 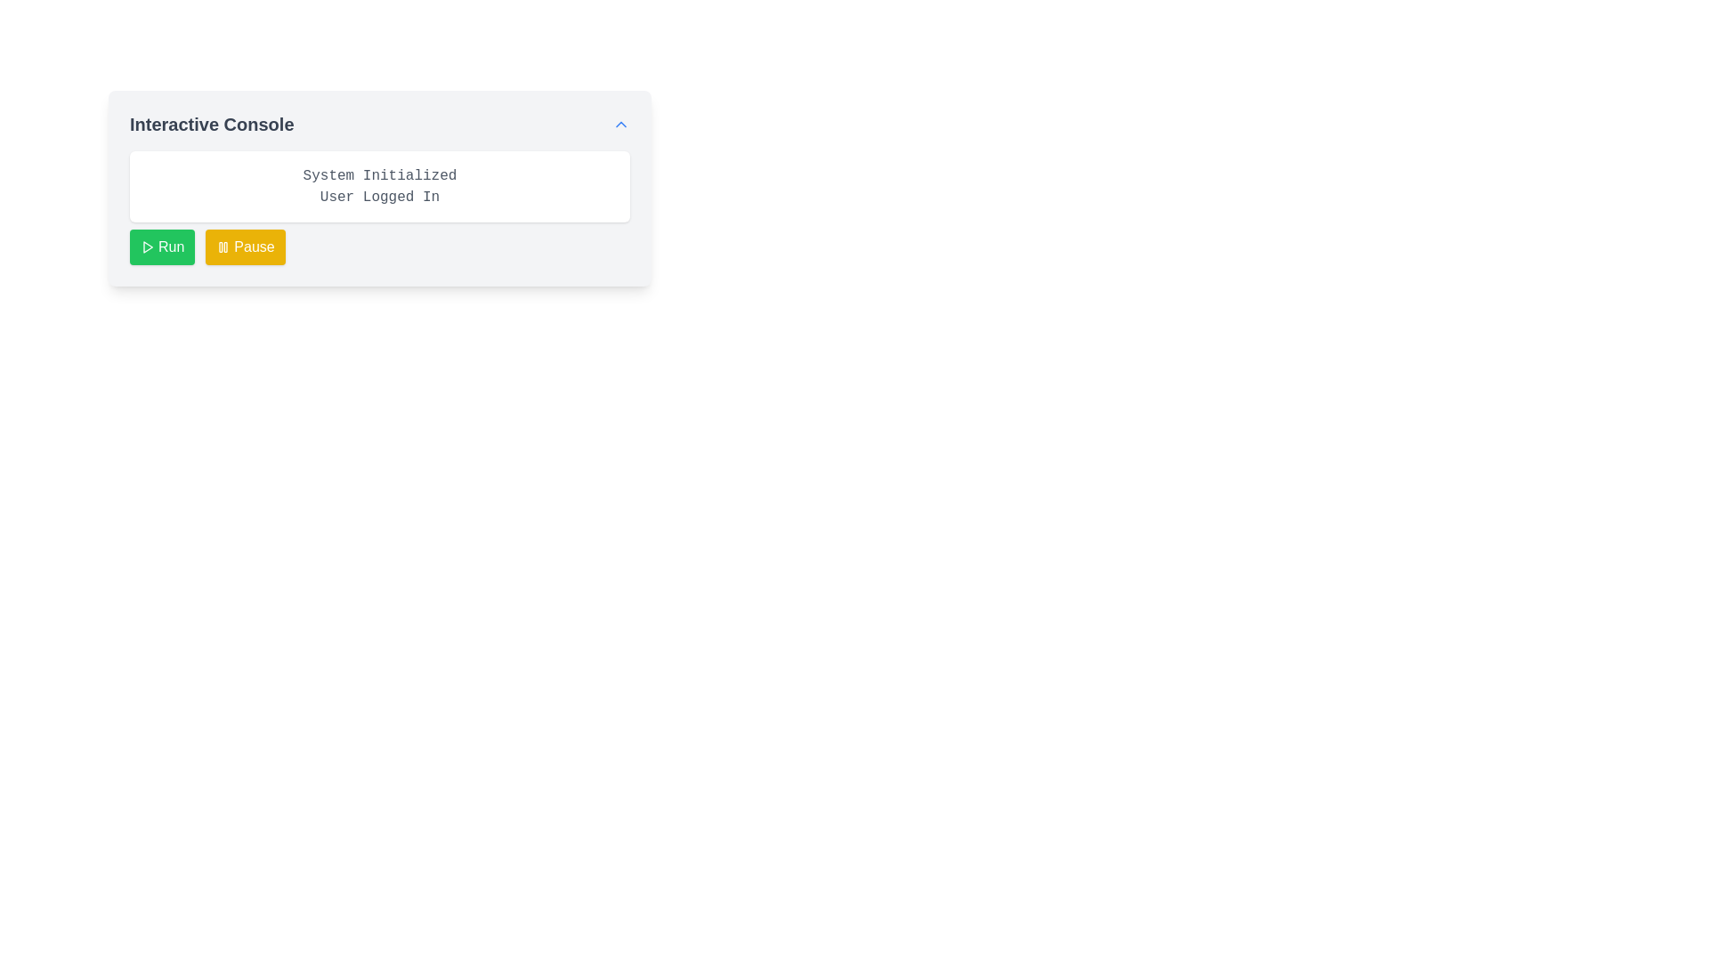 What do you see at coordinates (245, 246) in the screenshot?
I see `the 'Pause' button` at bounding box center [245, 246].